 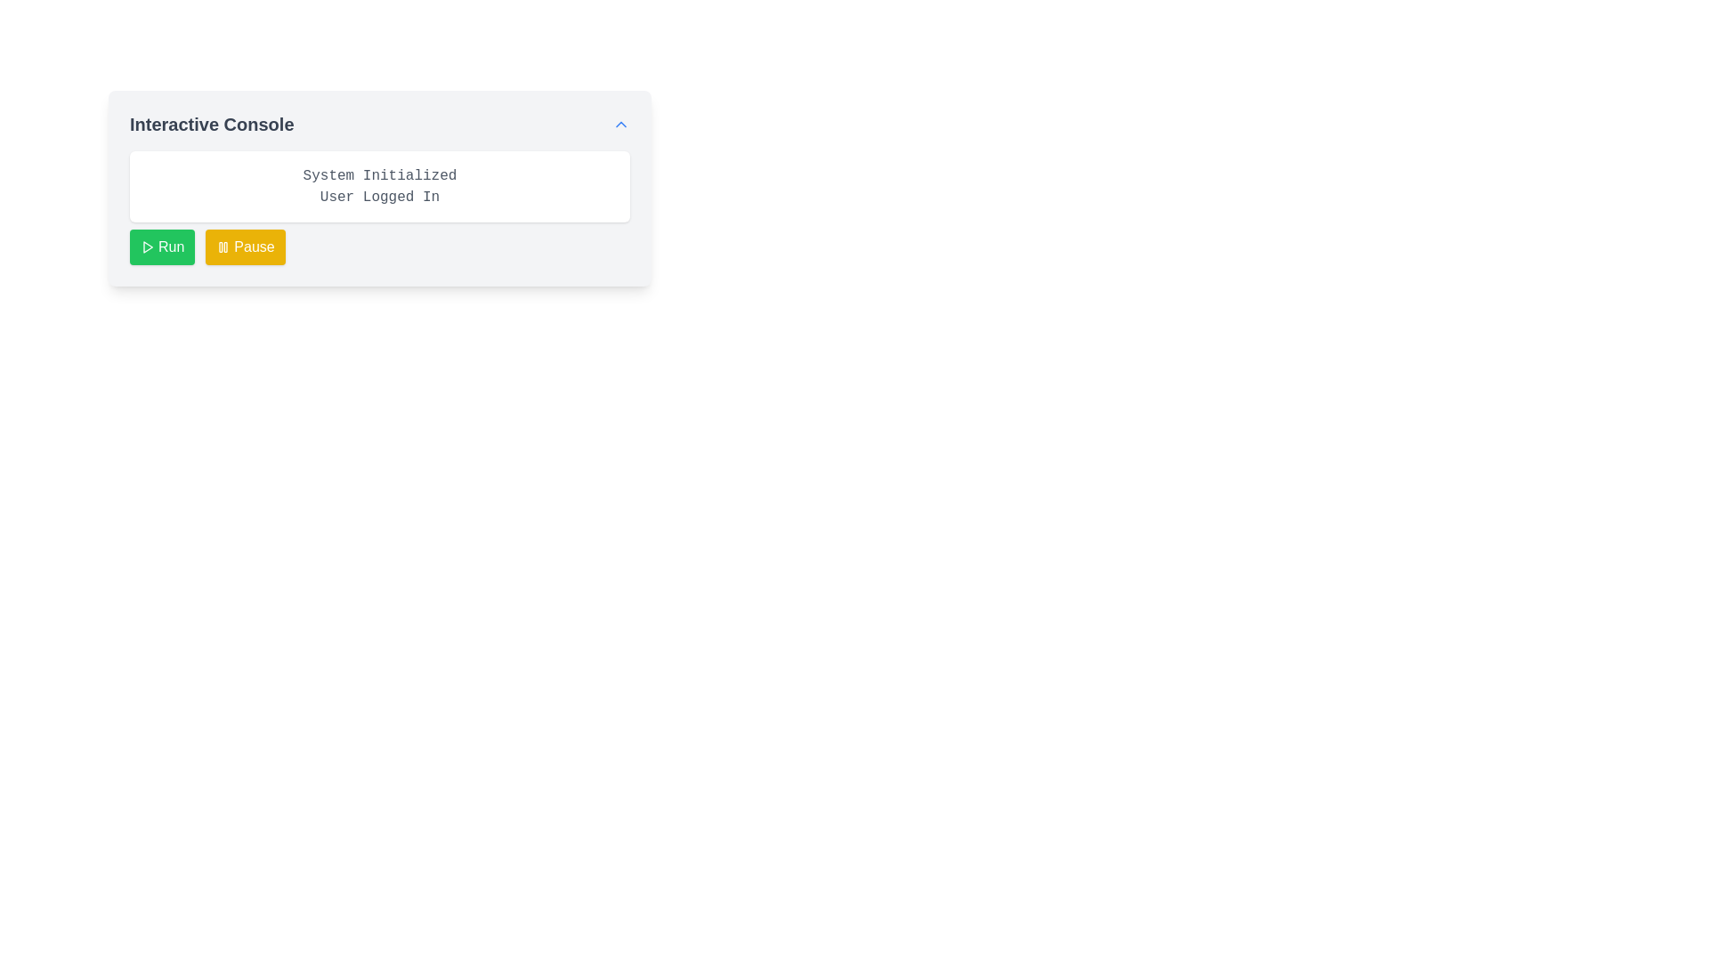 What do you see at coordinates (245, 246) in the screenshot?
I see `the 'Pause' button` at bounding box center [245, 246].